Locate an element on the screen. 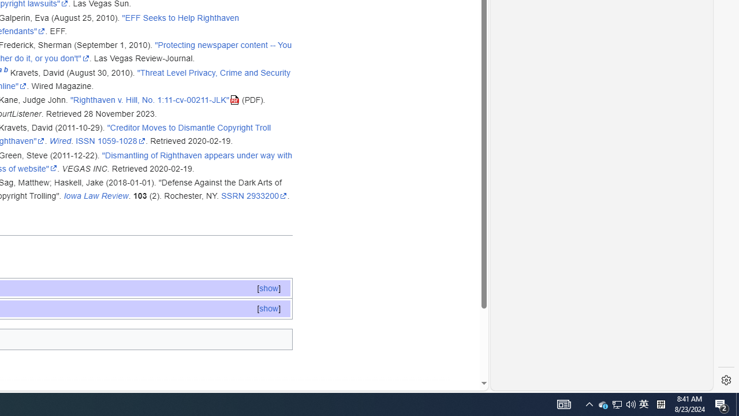 The height and width of the screenshot is (416, 739). 'Iowa Law Review' is located at coordinates (96, 195).